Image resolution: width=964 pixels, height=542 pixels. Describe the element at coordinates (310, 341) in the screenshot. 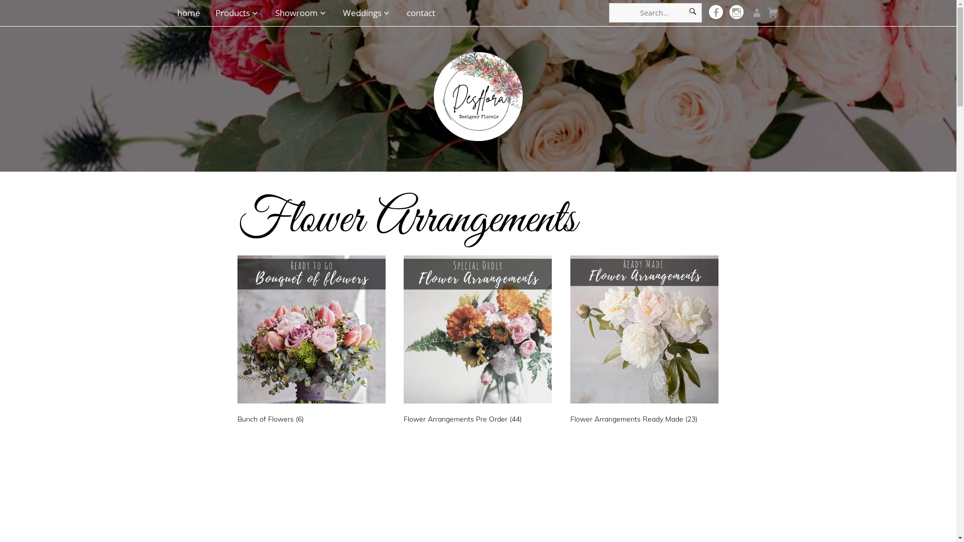

I see `'Bunch of Flowers (6)'` at that location.